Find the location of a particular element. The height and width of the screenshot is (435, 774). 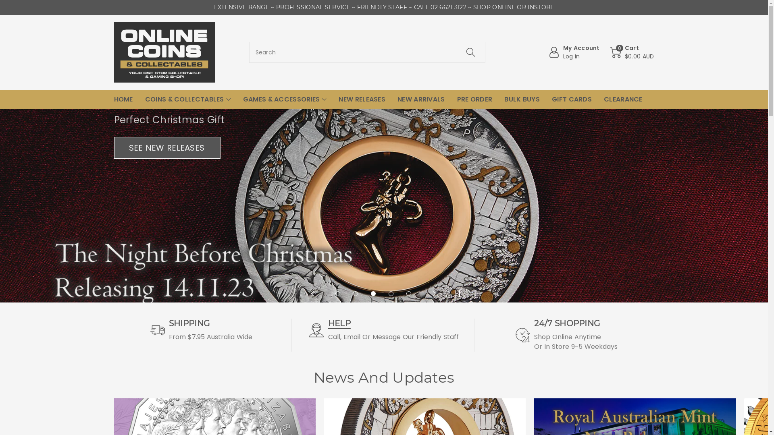

'HOME' is located at coordinates (123, 99).